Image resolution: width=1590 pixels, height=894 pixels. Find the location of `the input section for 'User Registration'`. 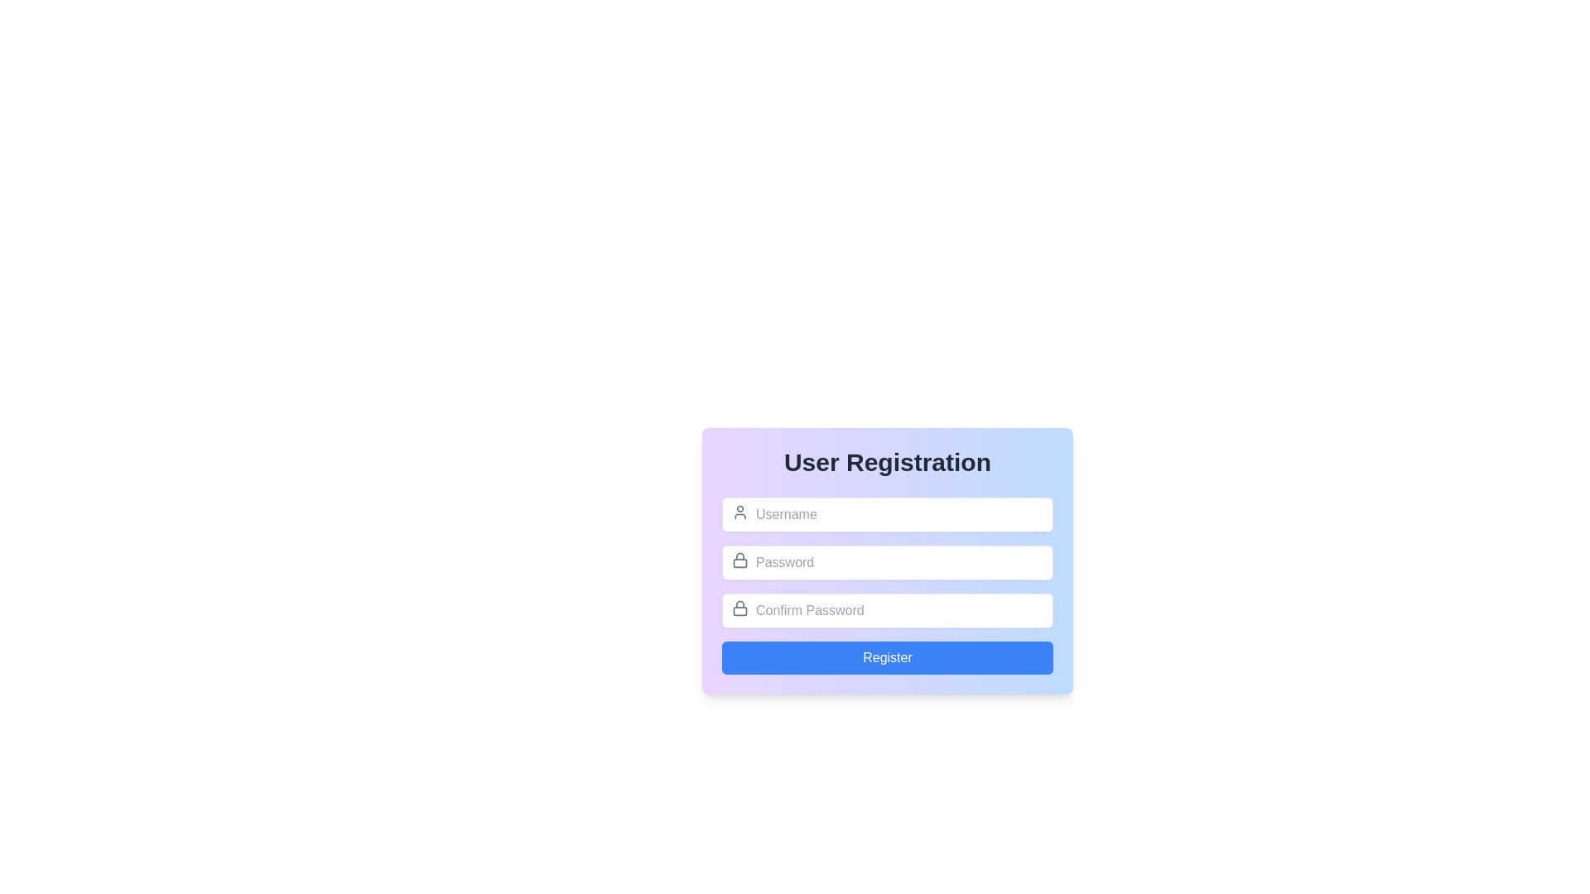

the input section for 'User Registration' is located at coordinates (886, 585).